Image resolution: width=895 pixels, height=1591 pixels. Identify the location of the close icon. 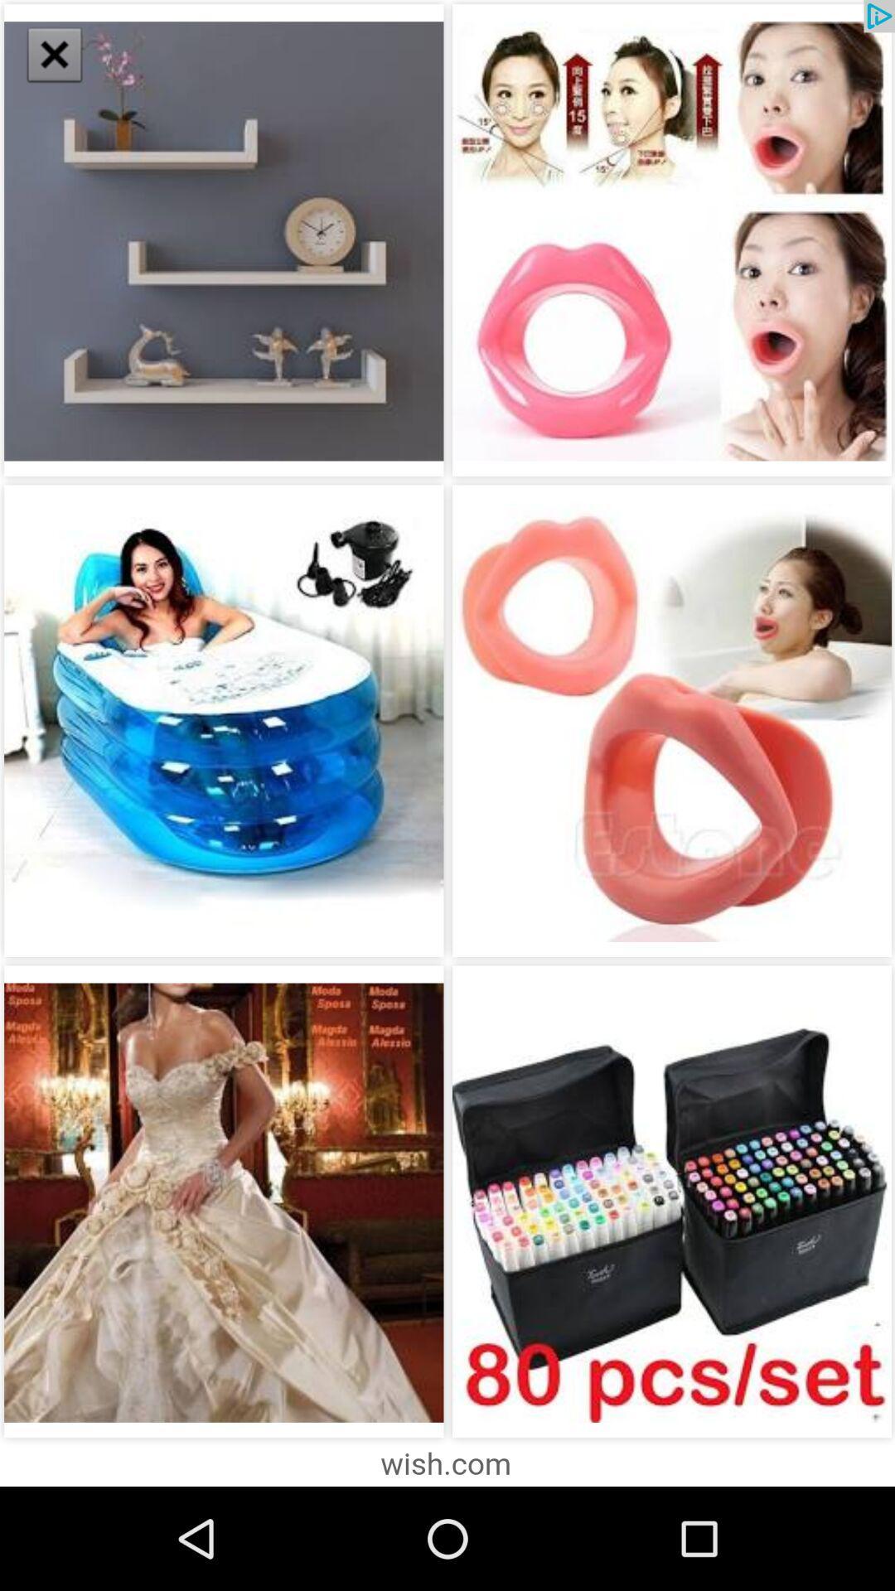
(53, 58).